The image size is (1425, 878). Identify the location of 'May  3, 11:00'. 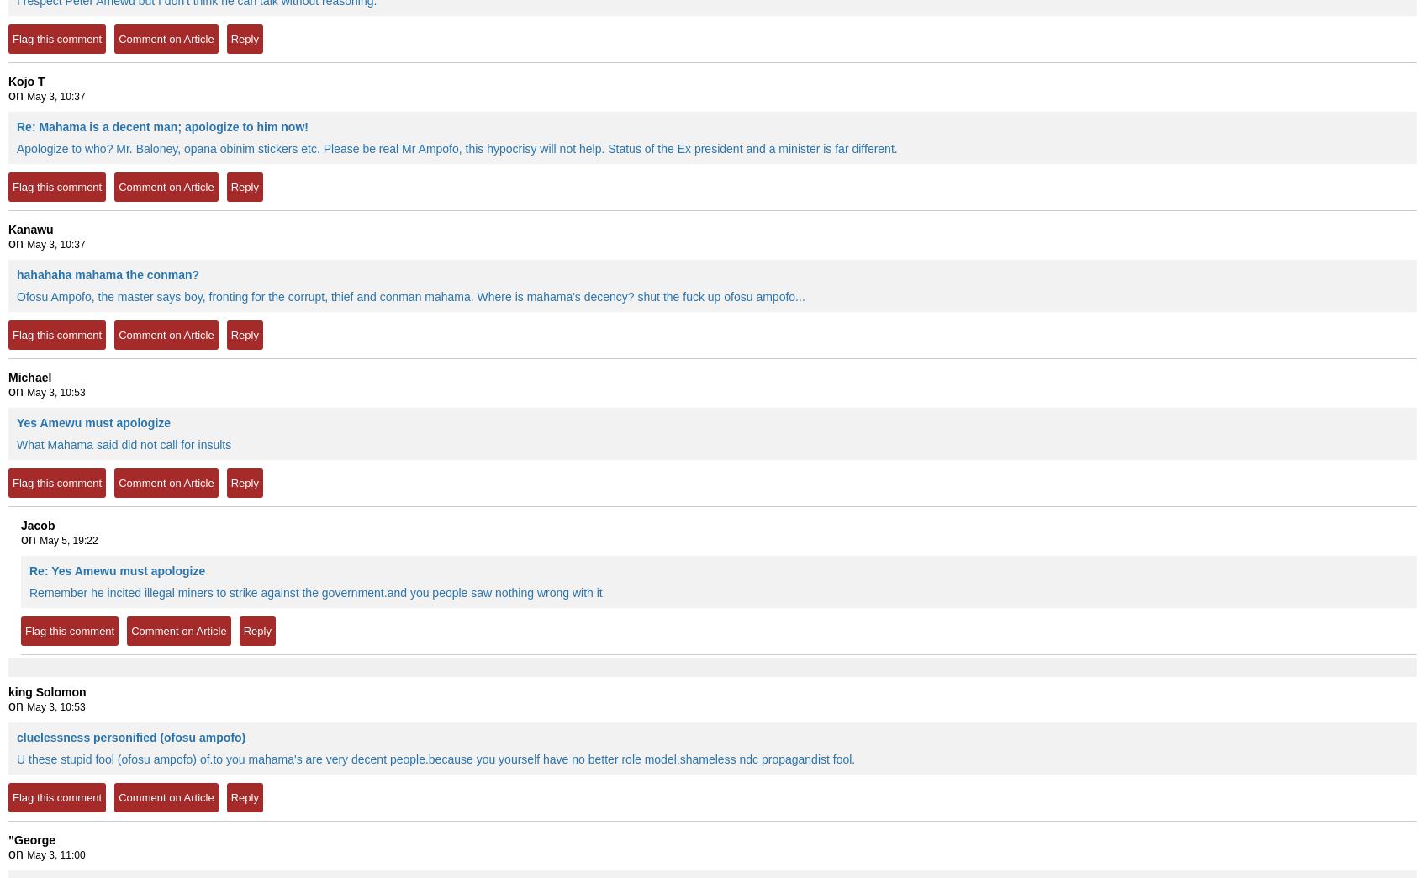
(55, 854).